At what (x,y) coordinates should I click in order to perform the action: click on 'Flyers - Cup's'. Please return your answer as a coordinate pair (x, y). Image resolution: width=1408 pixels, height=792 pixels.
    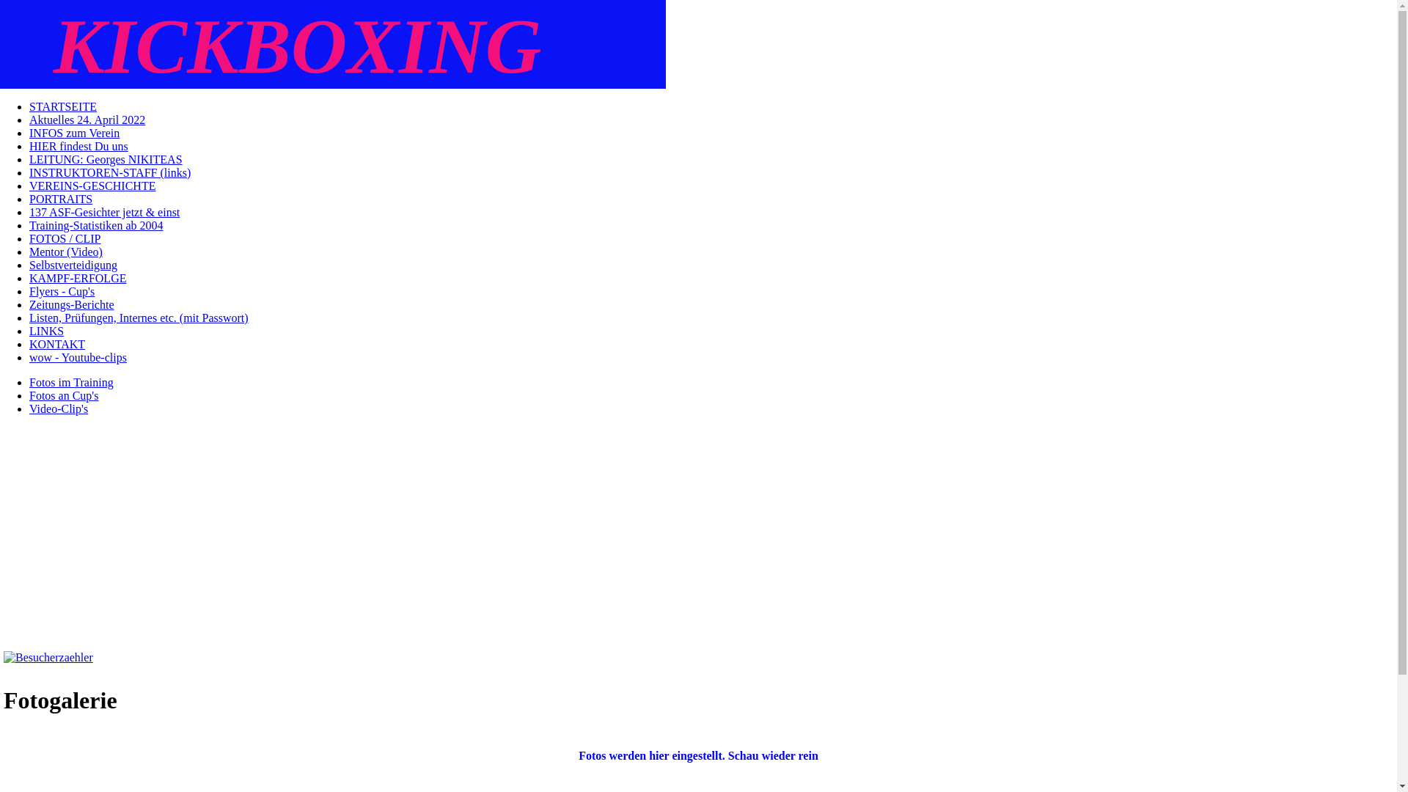
    Looking at the image, I should click on (61, 291).